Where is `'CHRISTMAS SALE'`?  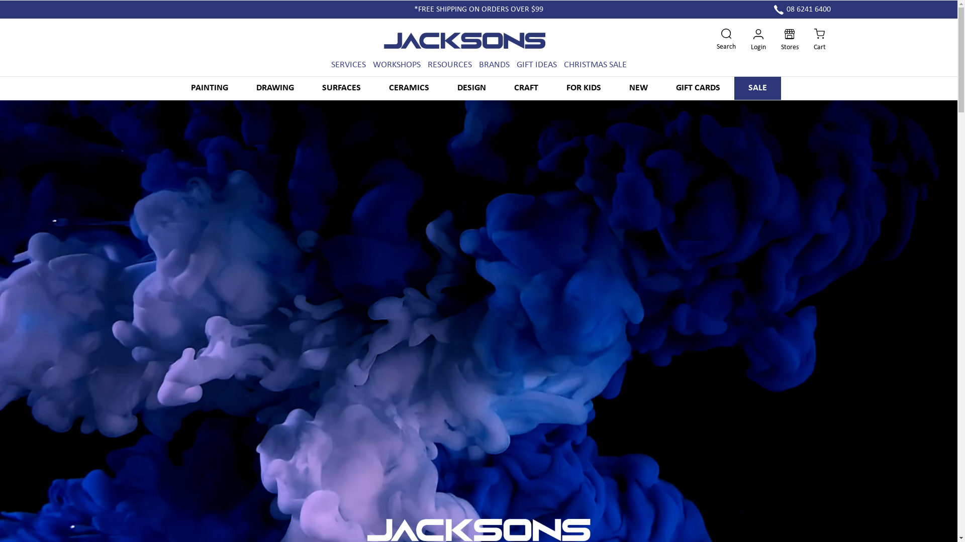 'CHRISTMAS SALE' is located at coordinates (595, 65).